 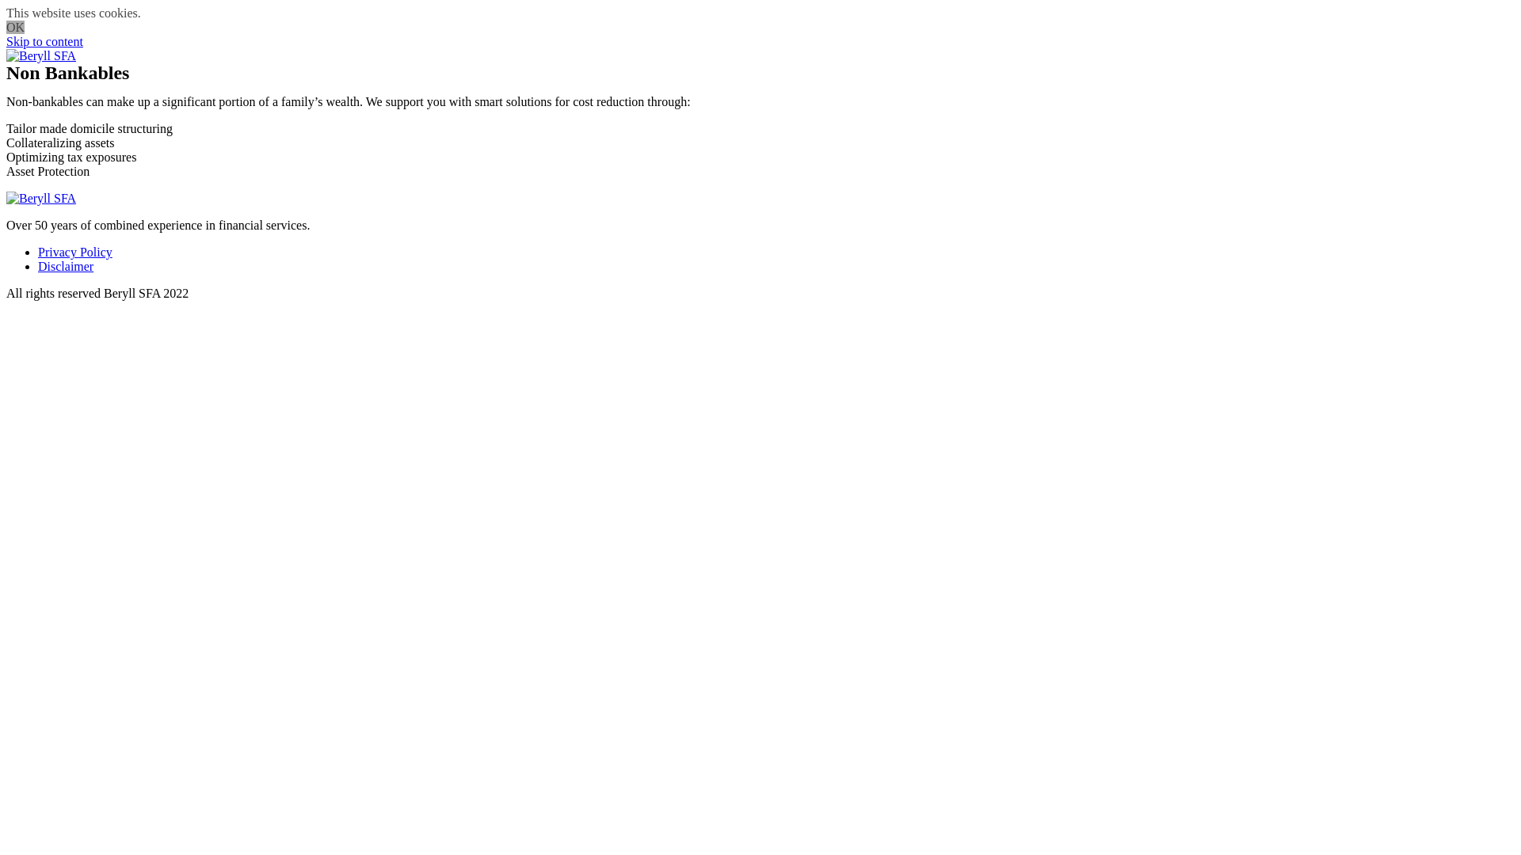 I want to click on 'Skip to content', so click(x=44, y=40).